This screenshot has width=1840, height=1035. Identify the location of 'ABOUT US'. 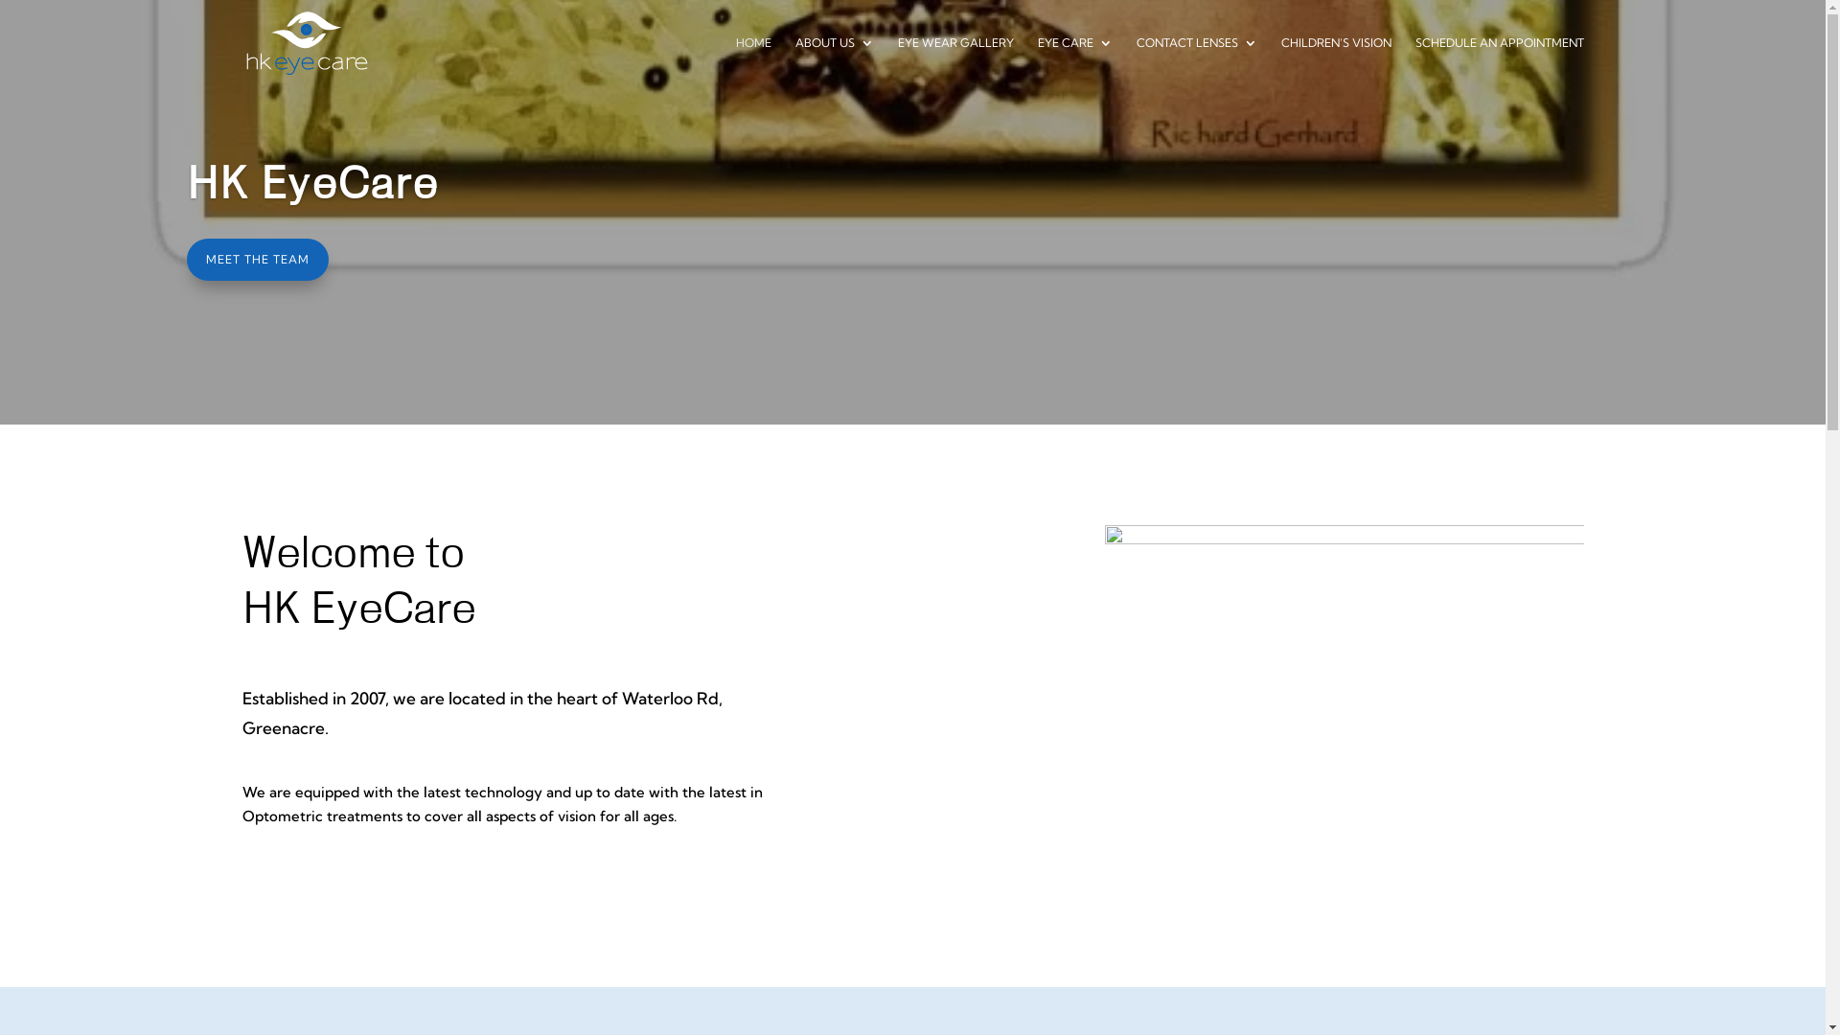
(795, 60).